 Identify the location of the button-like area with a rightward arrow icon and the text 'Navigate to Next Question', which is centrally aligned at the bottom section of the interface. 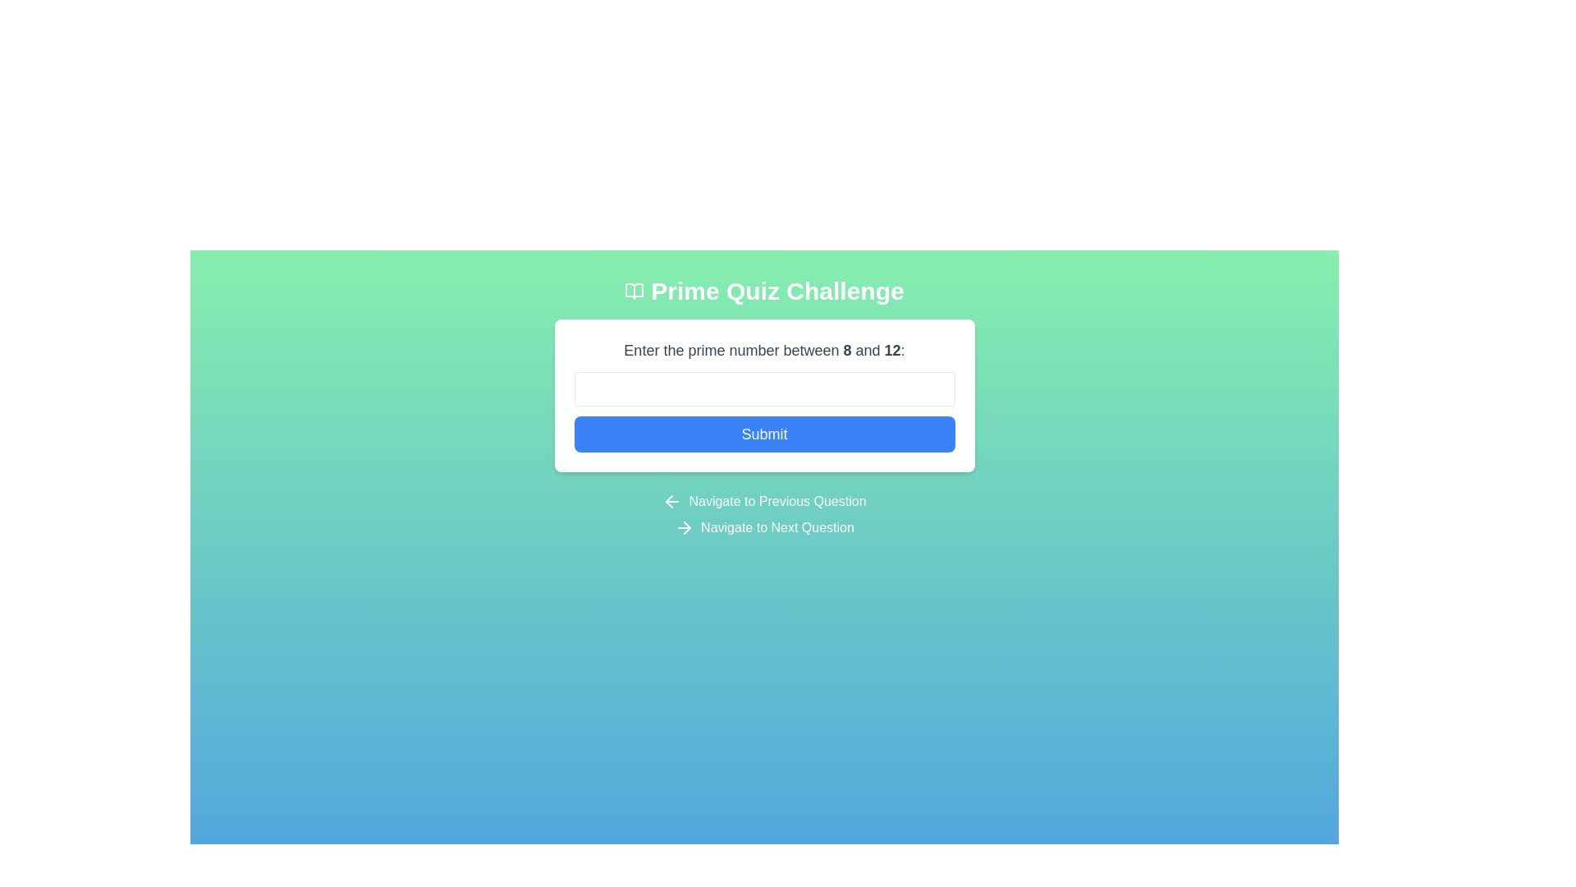
(763, 528).